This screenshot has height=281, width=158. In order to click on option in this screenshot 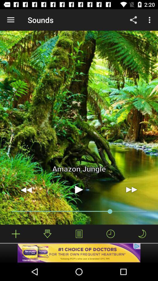, I will do `click(79, 189)`.